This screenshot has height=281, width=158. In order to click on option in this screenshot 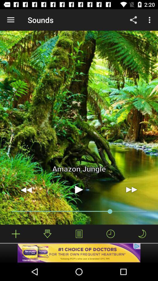, I will do `click(79, 189)`.